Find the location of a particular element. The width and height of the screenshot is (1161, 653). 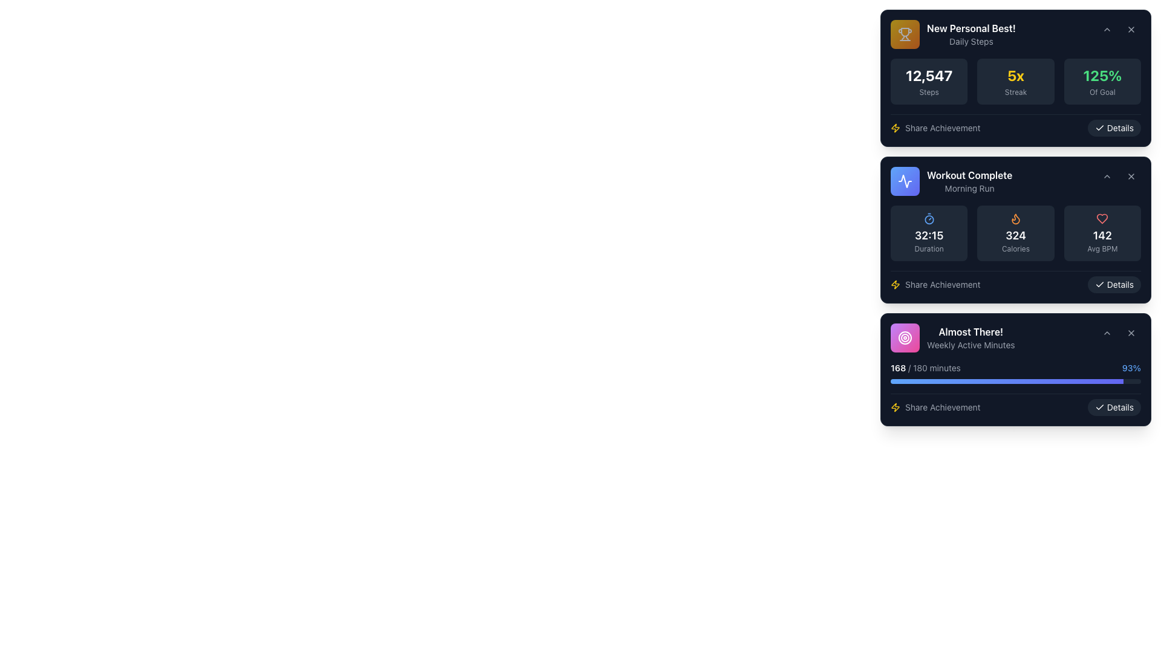

the Informational display showing '125%' in a bold, green font above 'Of Goal' on a dark gray rounded rectangle background, located in the third position of a horizontally aligned grid is located at coordinates (1102, 82).